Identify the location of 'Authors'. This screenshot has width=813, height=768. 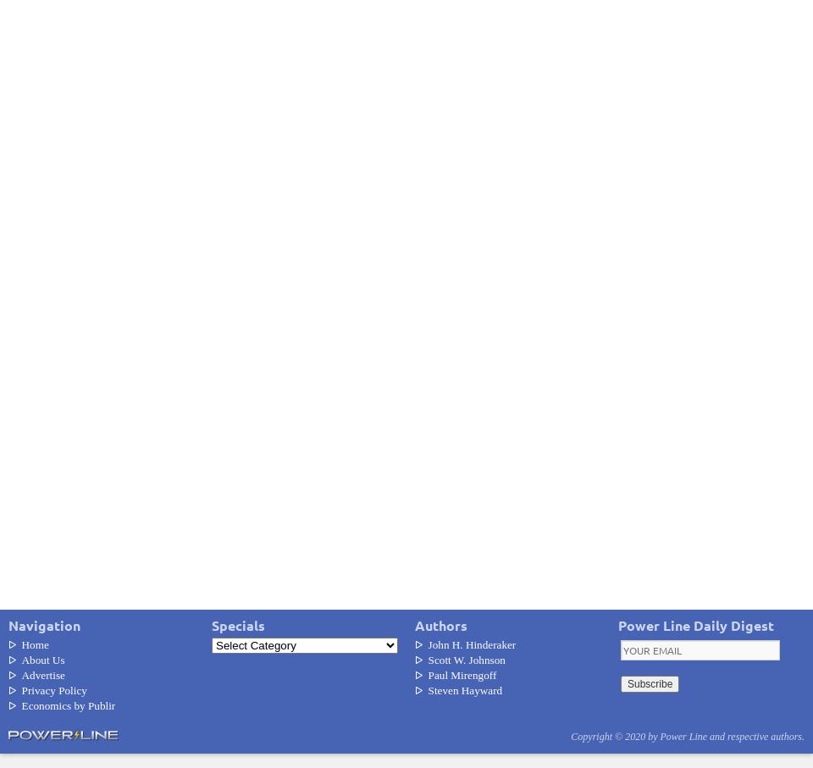
(440, 624).